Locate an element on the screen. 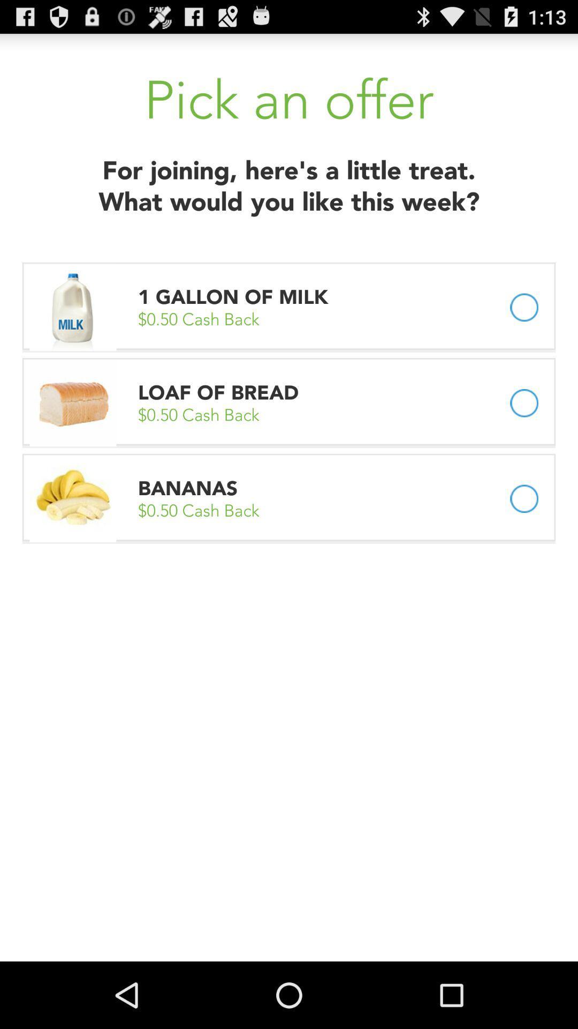  bananas app is located at coordinates (187, 488).